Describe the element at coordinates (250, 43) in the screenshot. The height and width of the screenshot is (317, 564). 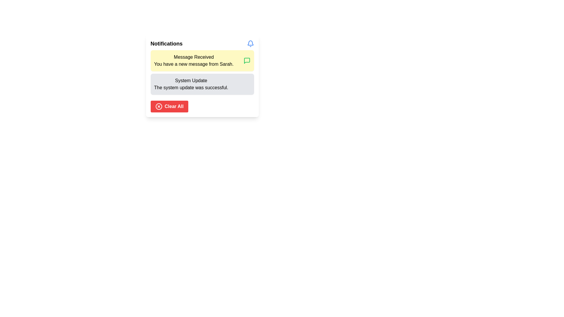
I see `the bell-shaped notification icon located in the top-right corner of the notification panel` at that location.